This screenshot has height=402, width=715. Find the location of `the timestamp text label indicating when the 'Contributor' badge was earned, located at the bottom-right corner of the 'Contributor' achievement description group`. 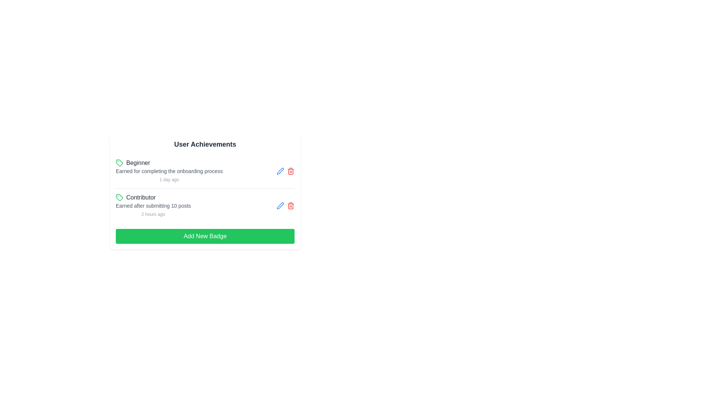

the timestamp text label indicating when the 'Contributor' badge was earned, located at the bottom-right corner of the 'Contributor' achievement description group is located at coordinates (153, 214).